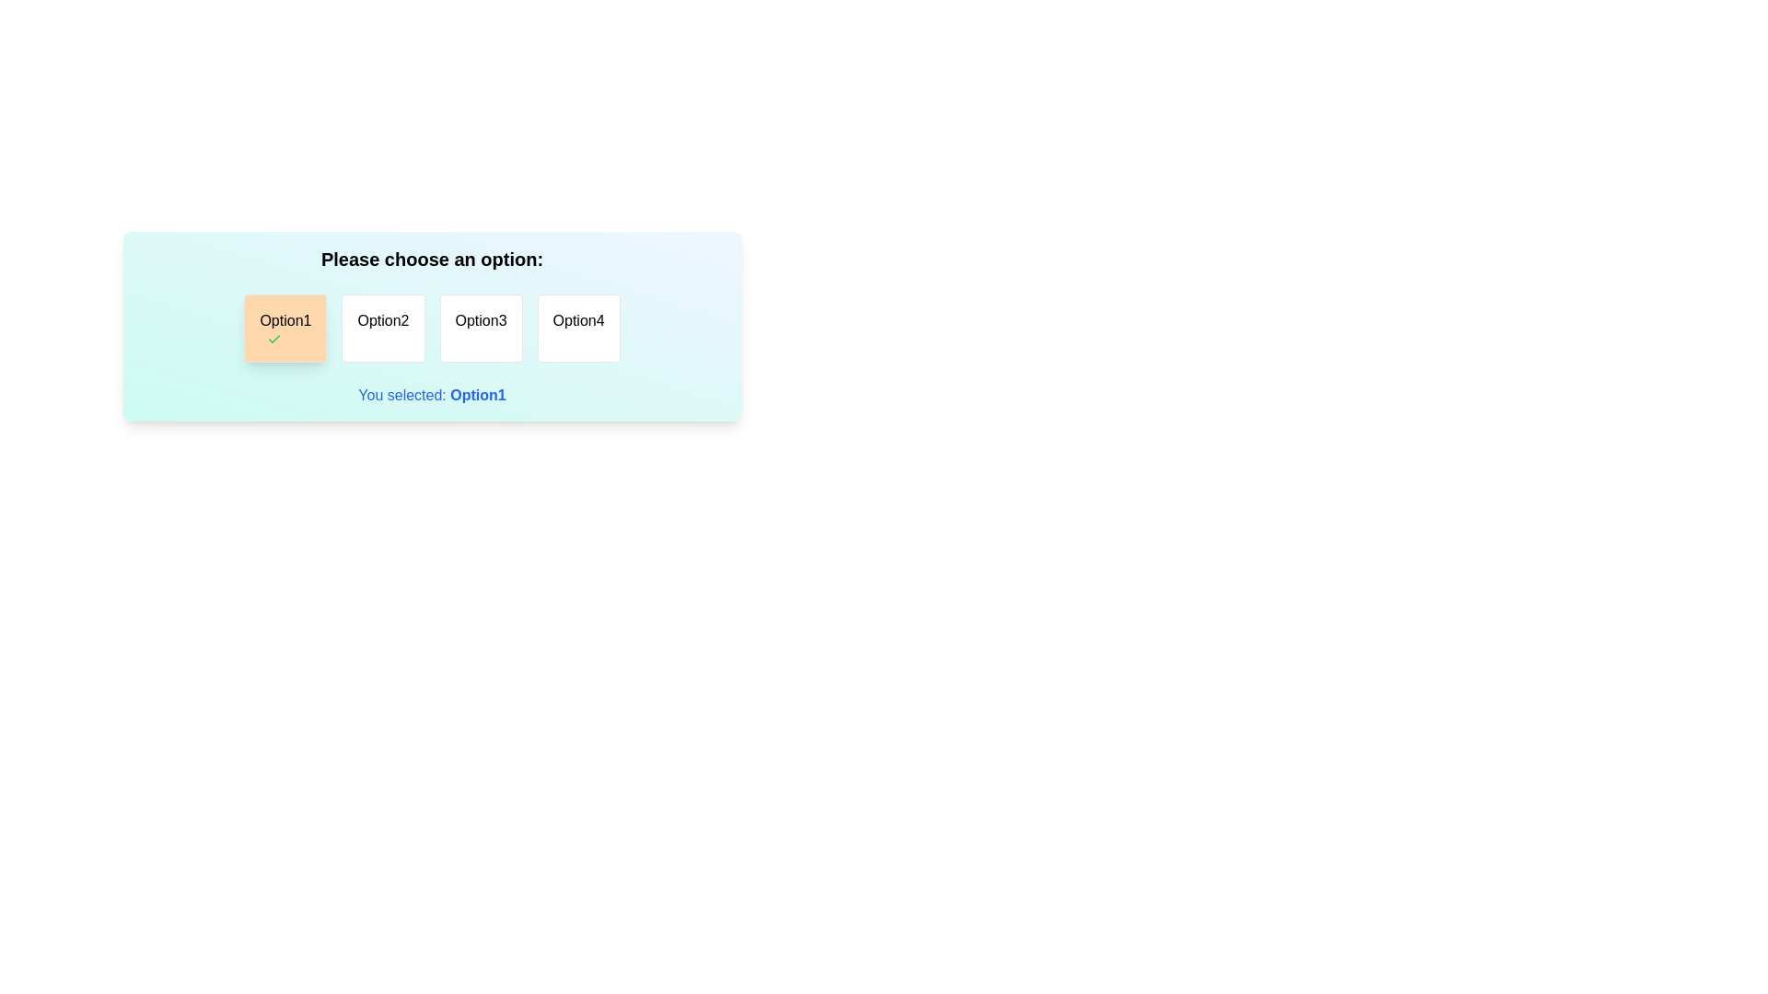 This screenshot has width=1768, height=994. Describe the element at coordinates (285, 328) in the screenshot. I see `the first selectable button or tile` at that location.